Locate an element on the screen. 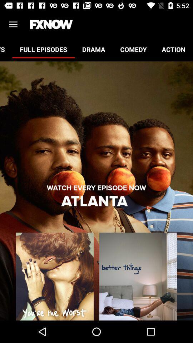  the full episodes item is located at coordinates (43, 49).